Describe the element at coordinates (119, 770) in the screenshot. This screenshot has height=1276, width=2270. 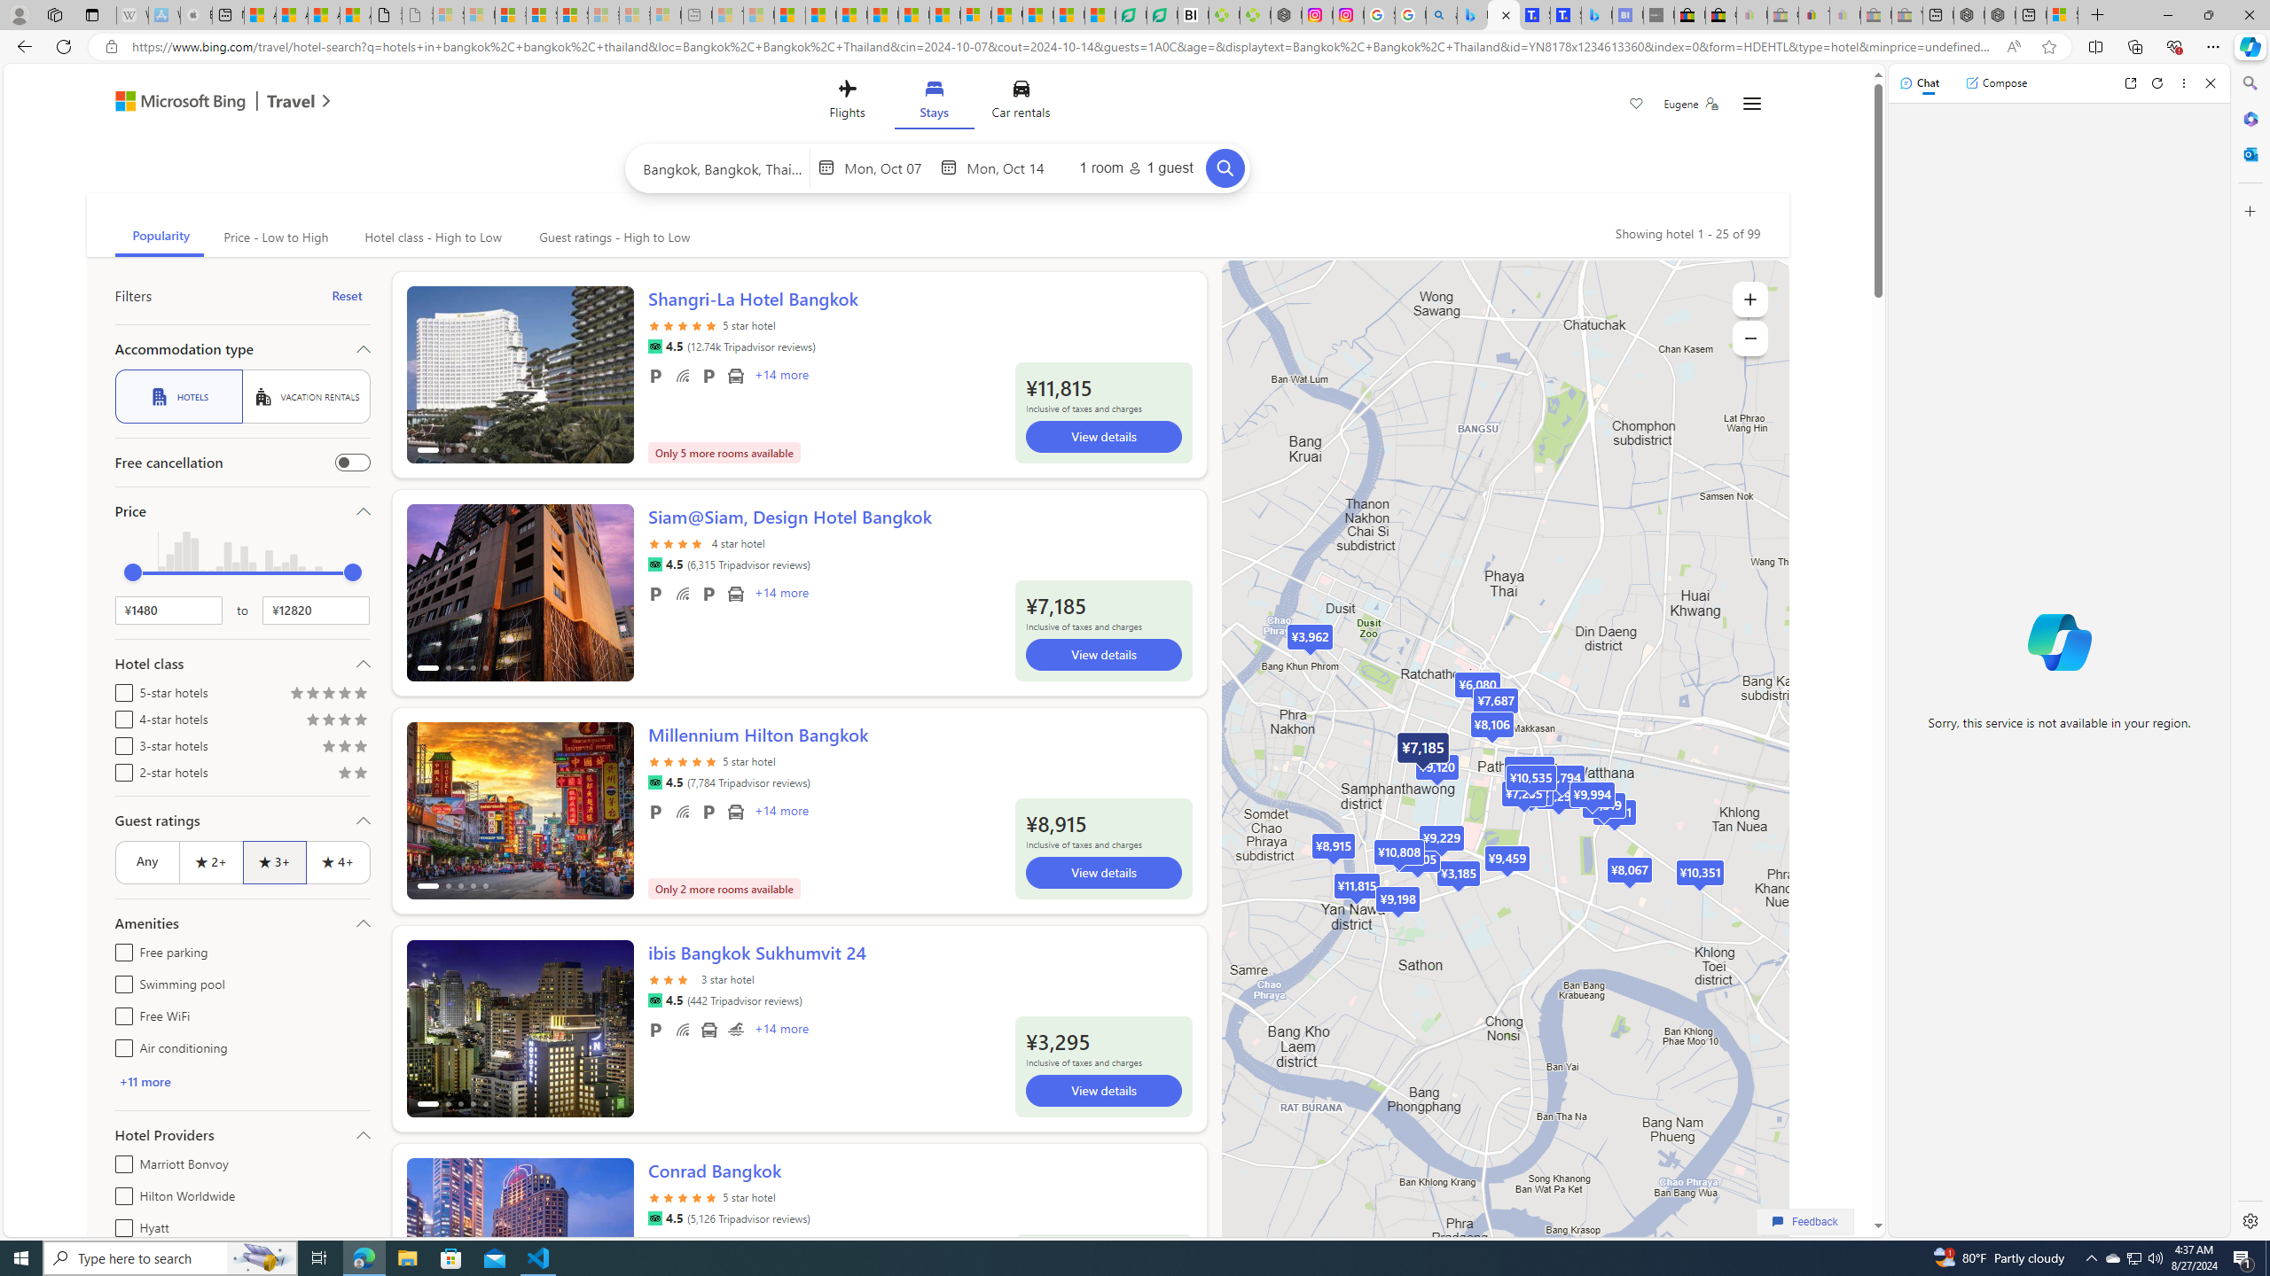
I see `'2-star hotels'` at that location.